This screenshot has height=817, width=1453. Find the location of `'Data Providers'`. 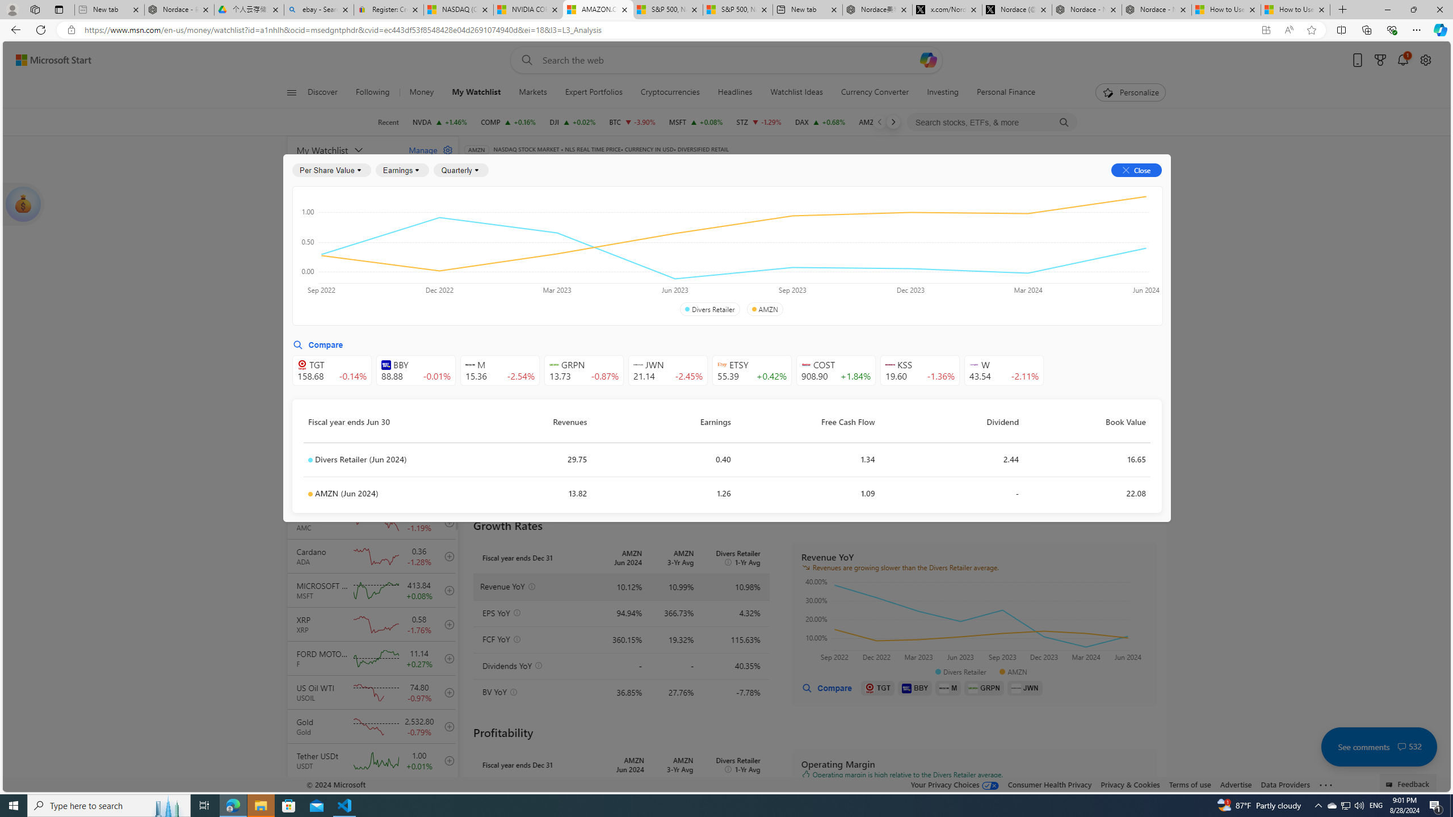

'Data Providers' is located at coordinates (1286, 784).